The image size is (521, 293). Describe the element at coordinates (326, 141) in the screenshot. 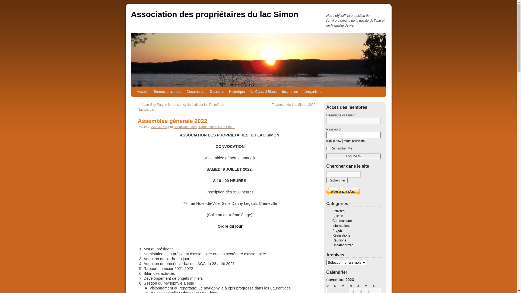

I see `'signup now'` at that location.